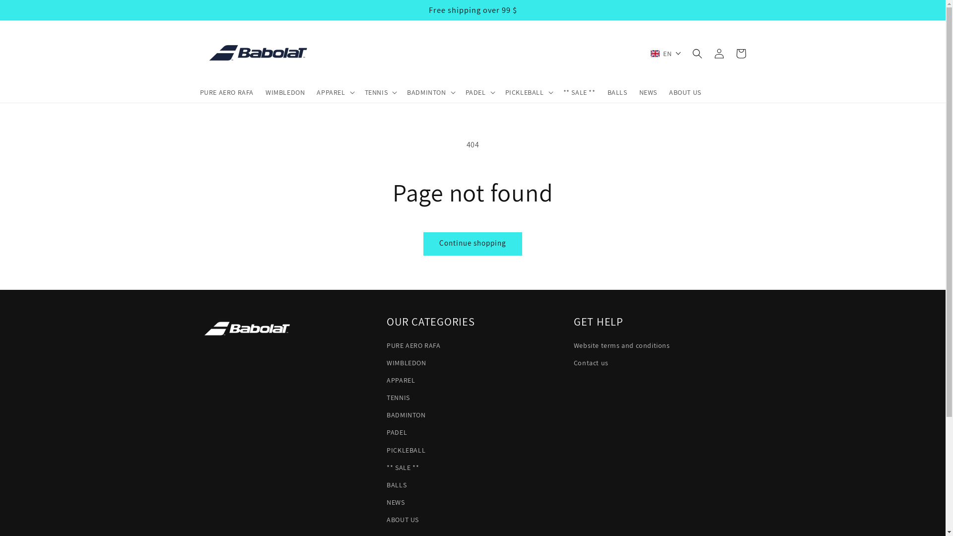  I want to click on '** SALE **', so click(403, 468).